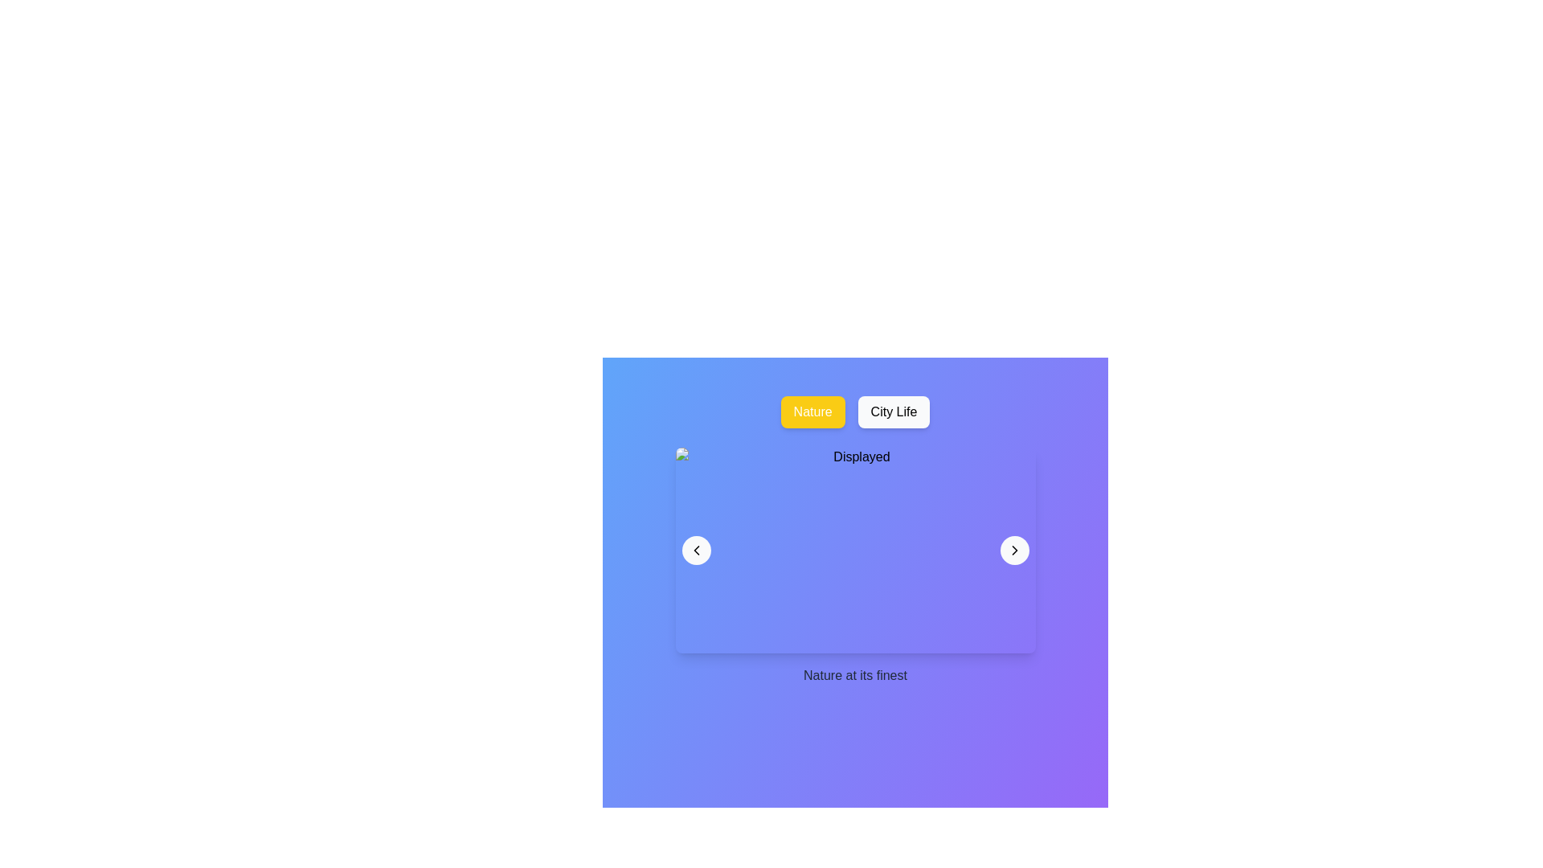 The width and height of the screenshot is (1543, 868). I want to click on the interactive button that serves as a filter for 'Nature'-related content, positioned to the left of the 'City Life' button, so click(812, 411).